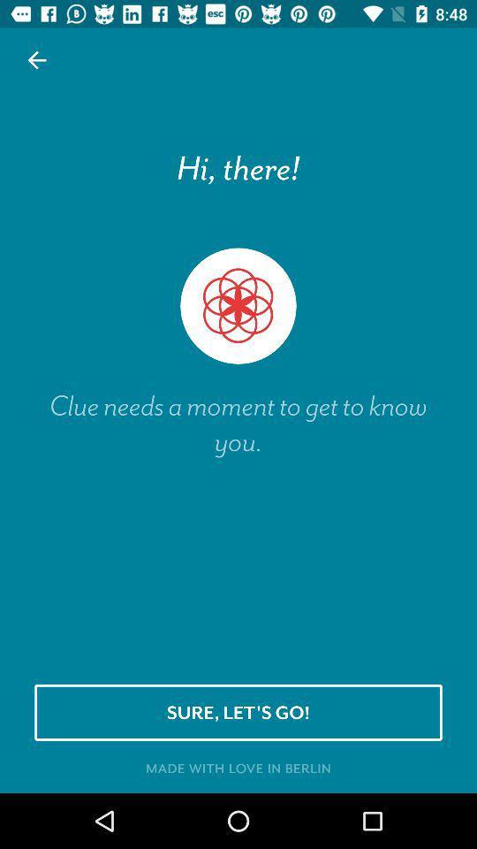 The width and height of the screenshot is (477, 849). I want to click on the arrow_backward icon, so click(37, 60).